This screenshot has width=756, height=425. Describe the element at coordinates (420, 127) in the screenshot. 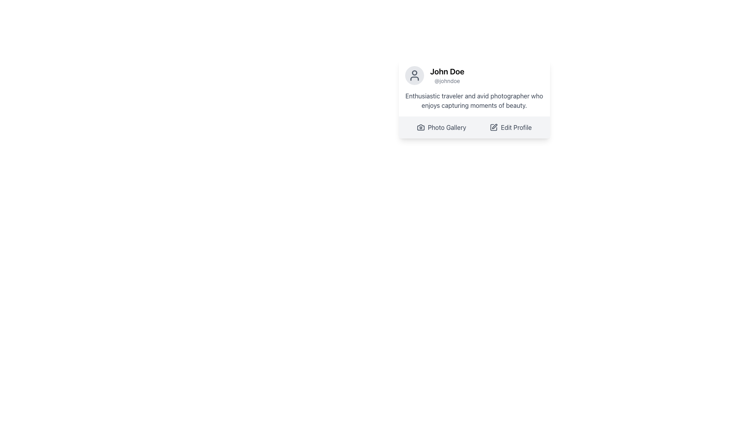

I see `the 'Photo Gallery' icon, which visually indicates the 'Photo Gallery' feature located to the left of the text label 'Photo Gallery'` at that location.